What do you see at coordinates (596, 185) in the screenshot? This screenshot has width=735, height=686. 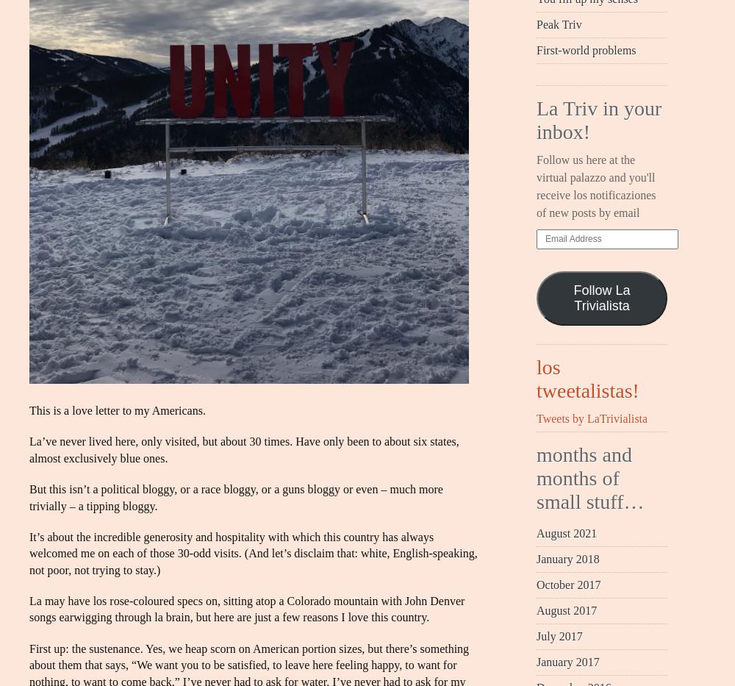 I see `'Follow us here at the virtual palazzo and you'll receive los notificaziones of new posts by email'` at bounding box center [596, 185].